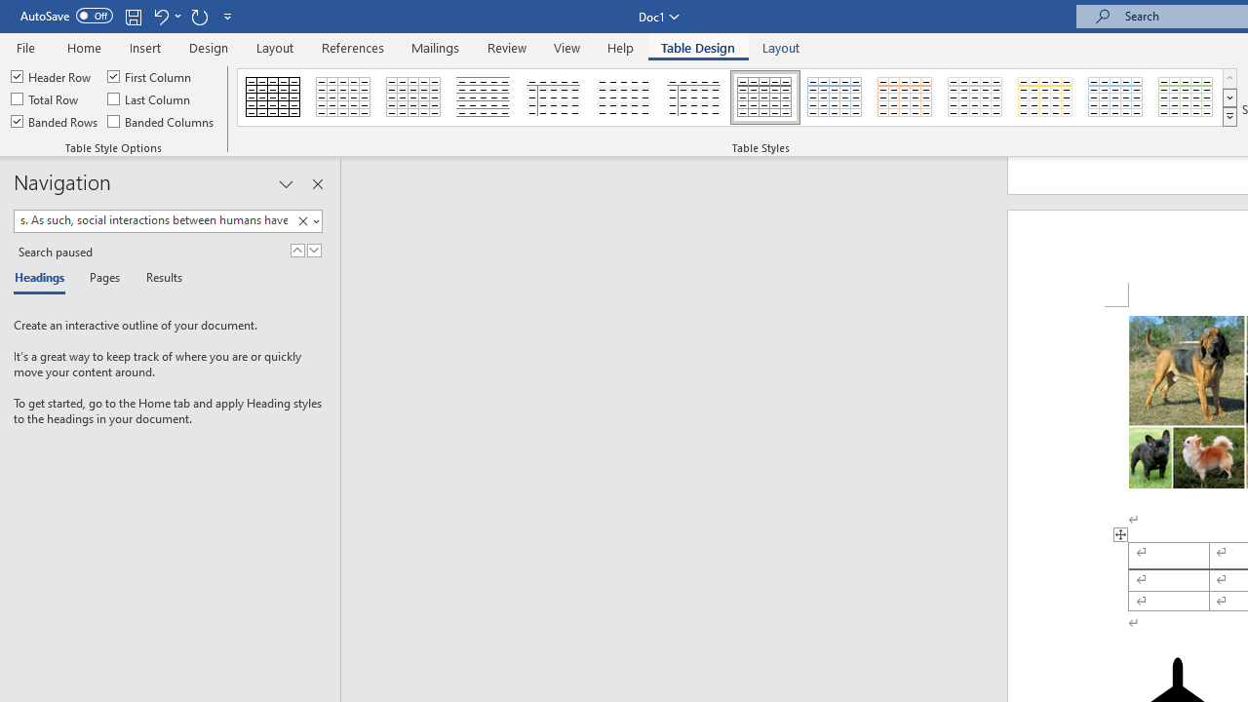 The image size is (1248, 702). Describe the element at coordinates (835, 97) in the screenshot. I see `'Grid Table 1 Light - Accent 1'` at that location.